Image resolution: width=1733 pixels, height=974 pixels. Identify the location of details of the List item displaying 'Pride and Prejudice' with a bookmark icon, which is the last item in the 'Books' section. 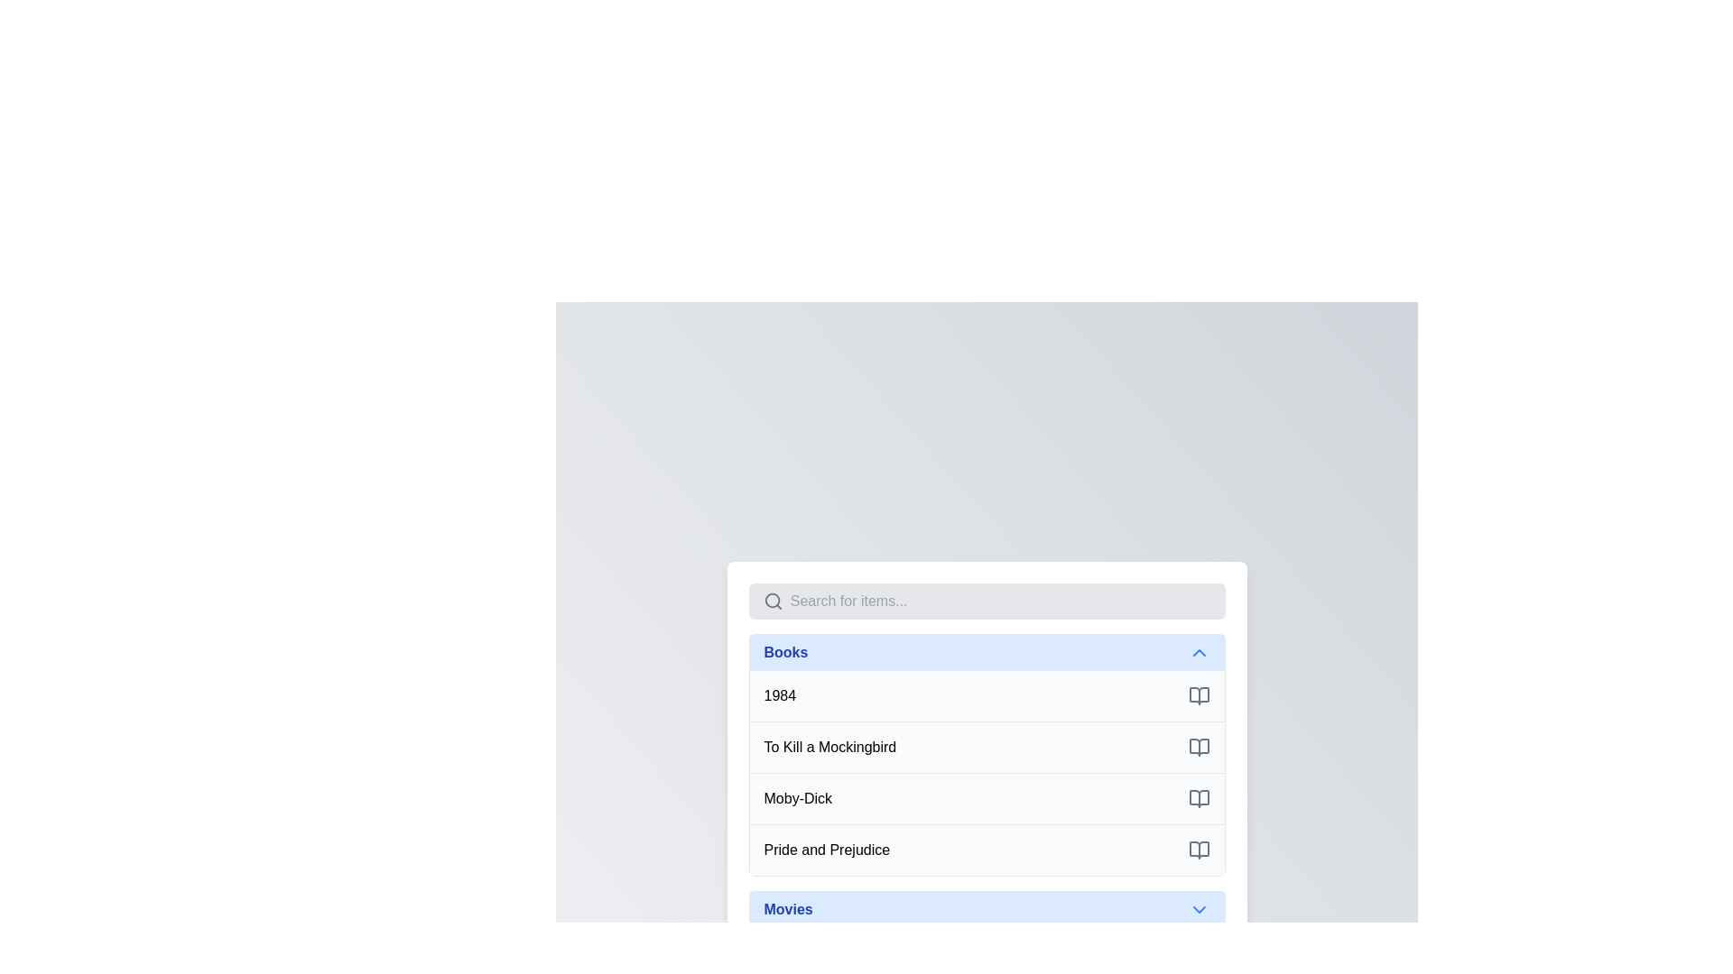
(986, 849).